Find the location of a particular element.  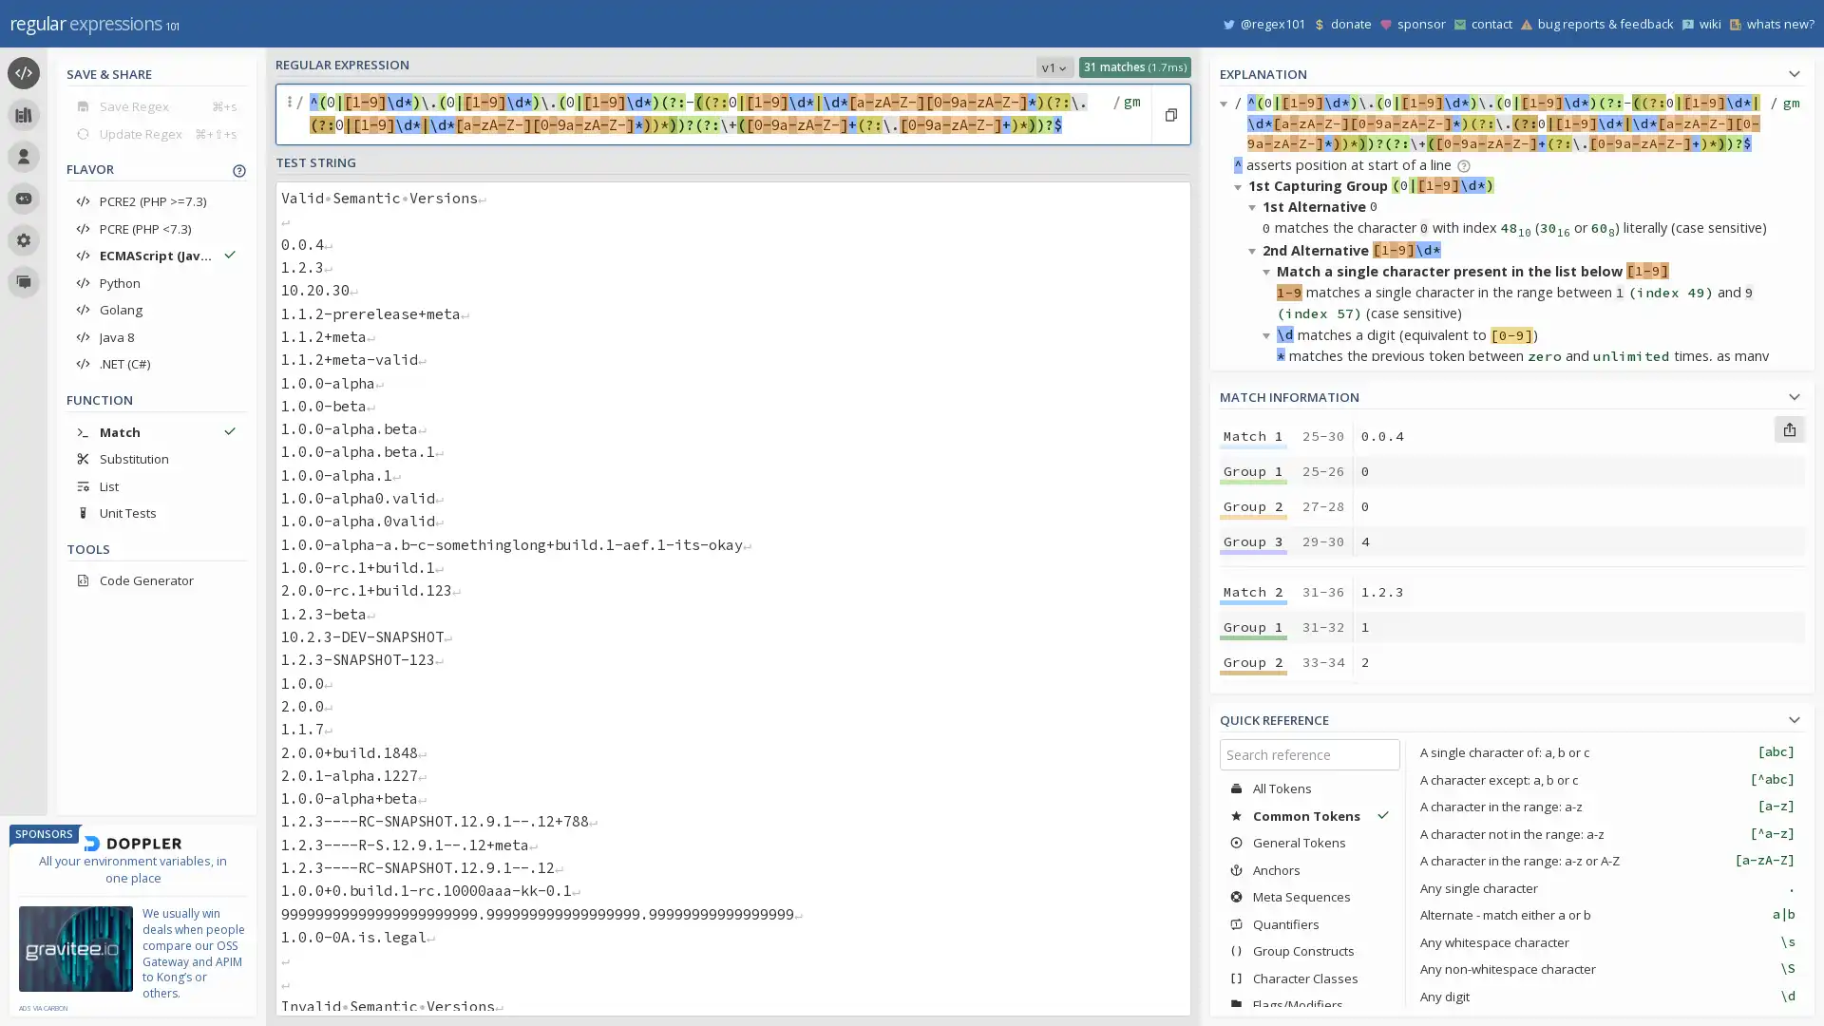

Collapse Subtree is located at coordinates (1255, 998).